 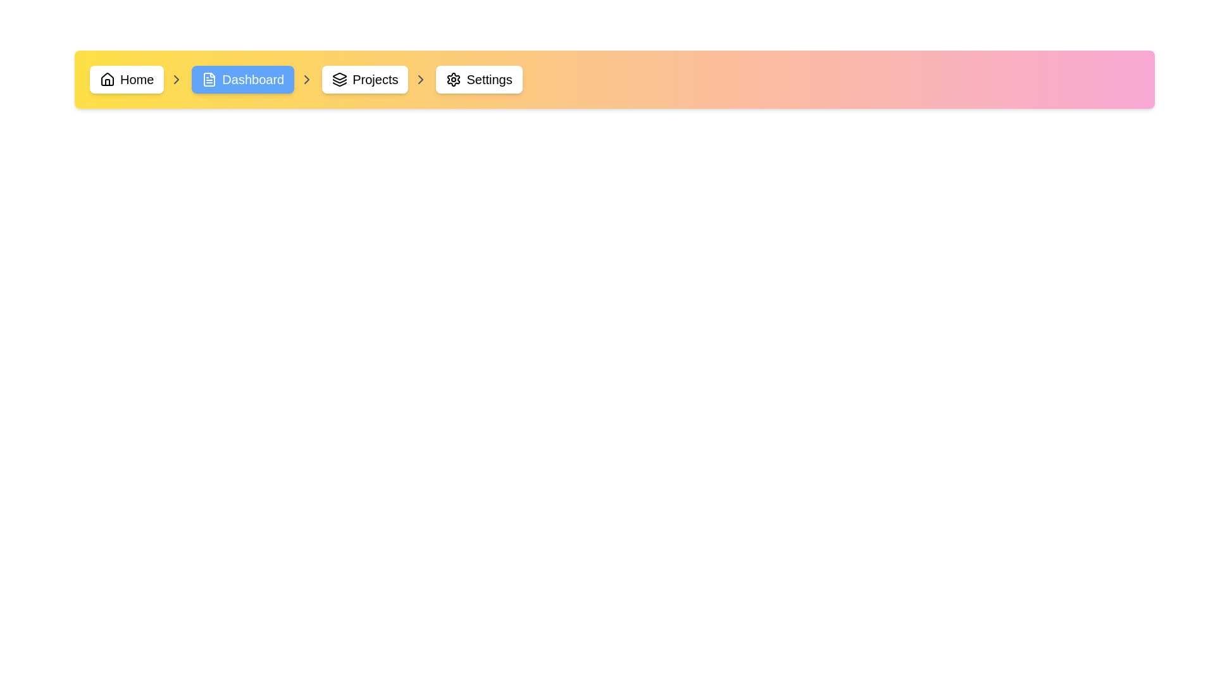 I want to click on the 'Home' SVG icon located in the navigation bar, which is positioned to the left of the 'Home' text, so click(x=107, y=80).